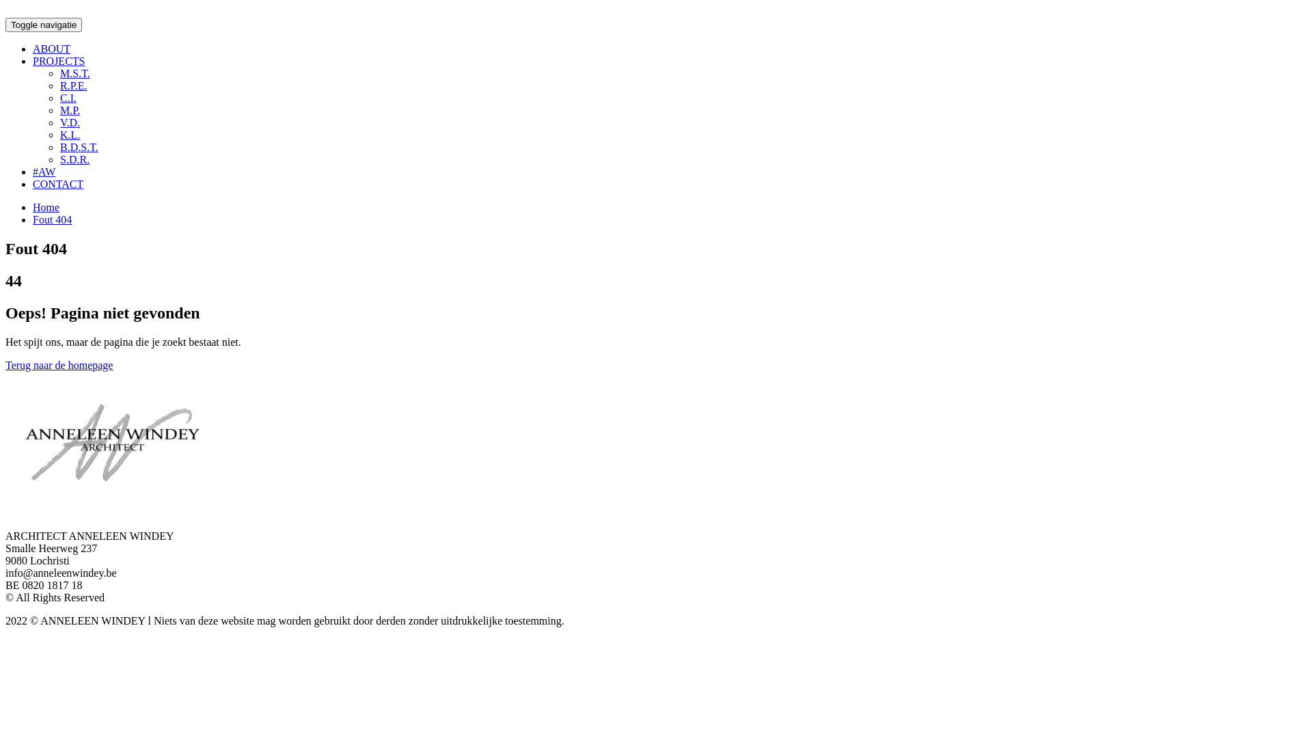  What do you see at coordinates (58, 364) in the screenshot?
I see `'Terug naar de homepage'` at bounding box center [58, 364].